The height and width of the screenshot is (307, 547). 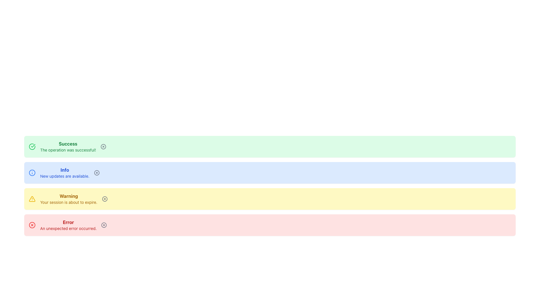 What do you see at coordinates (32, 198) in the screenshot?
I see `the triangular warning icon with a bold yellow border and central exclamation mark, located at the start of the 'Warning' notification bar` at bounding box center [32, 198].